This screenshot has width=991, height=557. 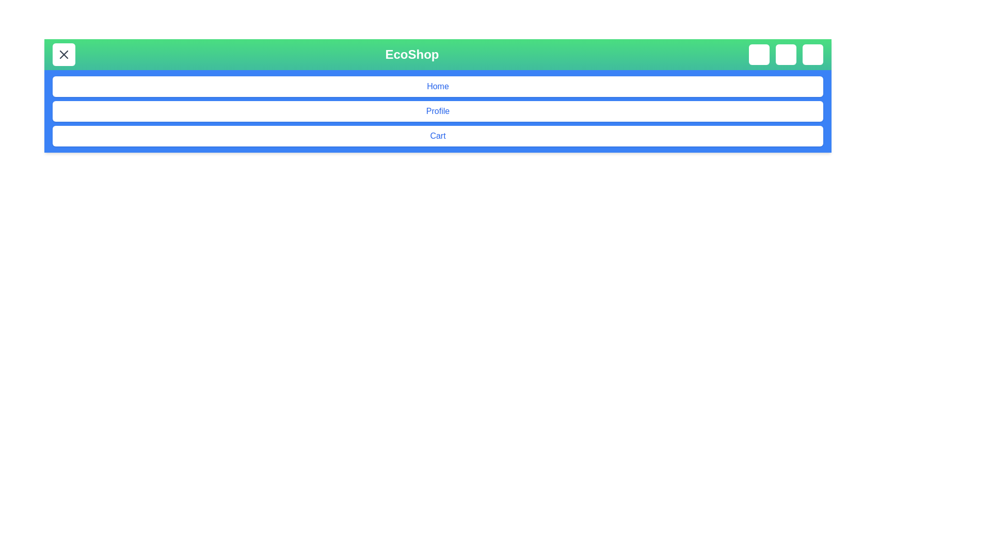 What do you see at coordinates (785, 54) in the screenshot?
I see `the wishlist icon button` at bounding box center [785, 54].